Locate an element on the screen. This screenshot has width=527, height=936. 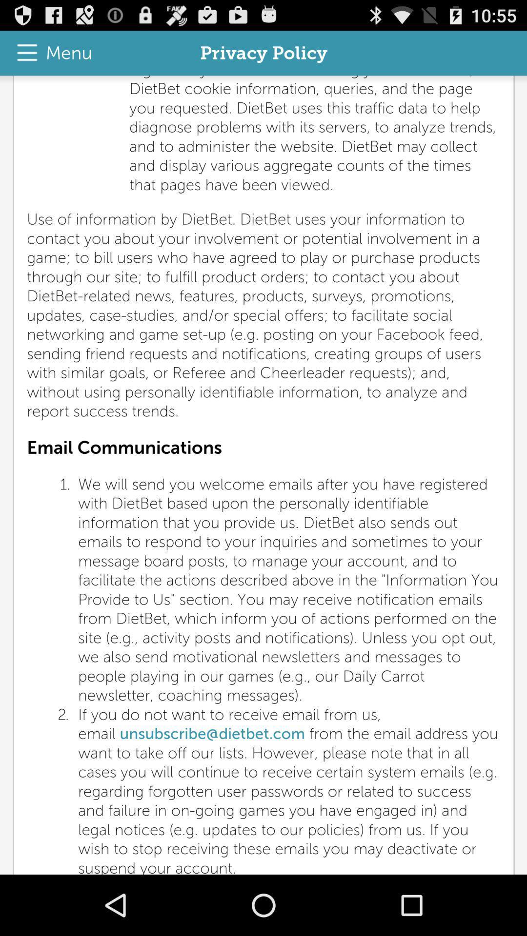
menu app is located at coordinates (49, 53).